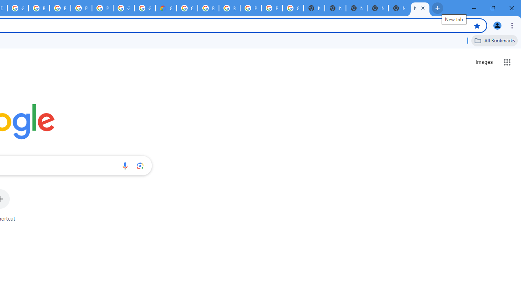 This screenshot has width=521, height=293. What do you see at coordinates (165, 8) in the screenshot?
I see `'Google Cloud Estimate Summary'` at bounding box center [165, 8].